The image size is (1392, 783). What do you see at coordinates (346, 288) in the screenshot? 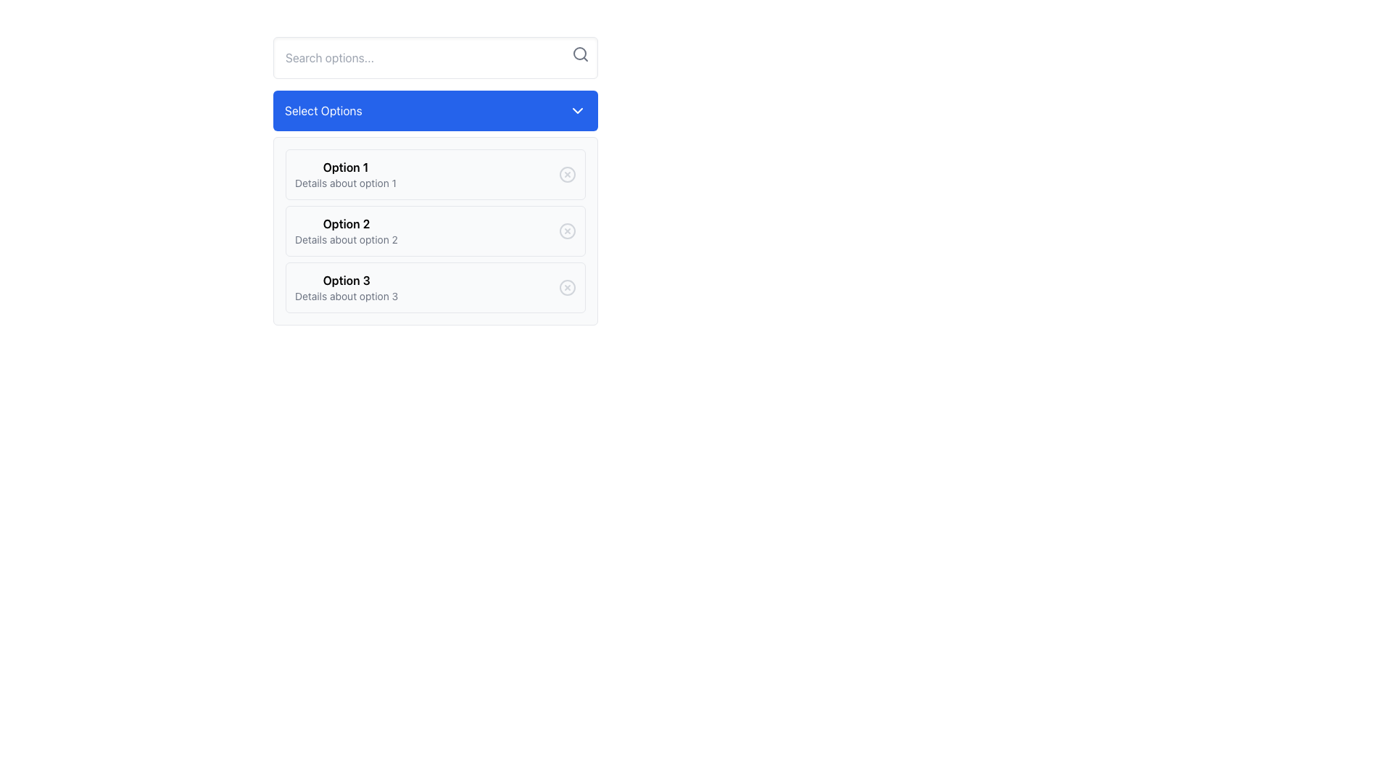
I see `the third list item labeled 'Option 3' which displays a bold title and smaller gray details` at bounding box center [346, 288].